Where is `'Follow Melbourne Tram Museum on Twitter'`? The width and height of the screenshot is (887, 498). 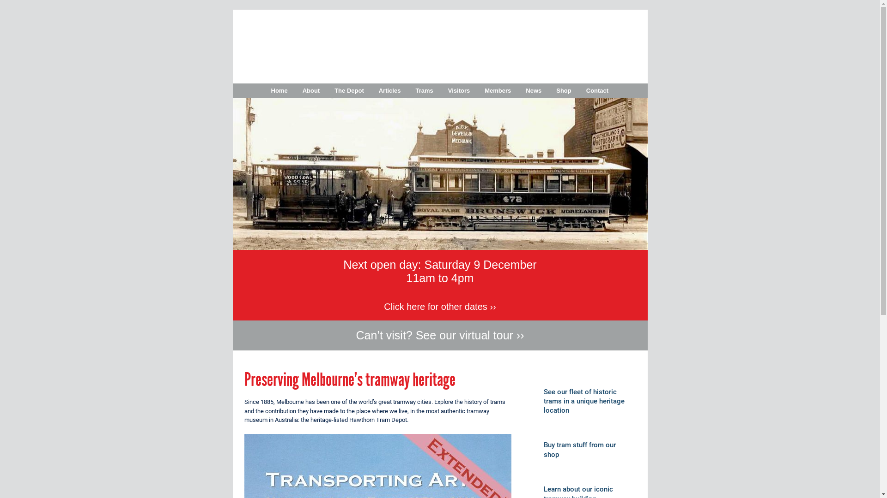 'Follow Melbourne Tram Museum on Twitter' is located at coordinates (868, 65).